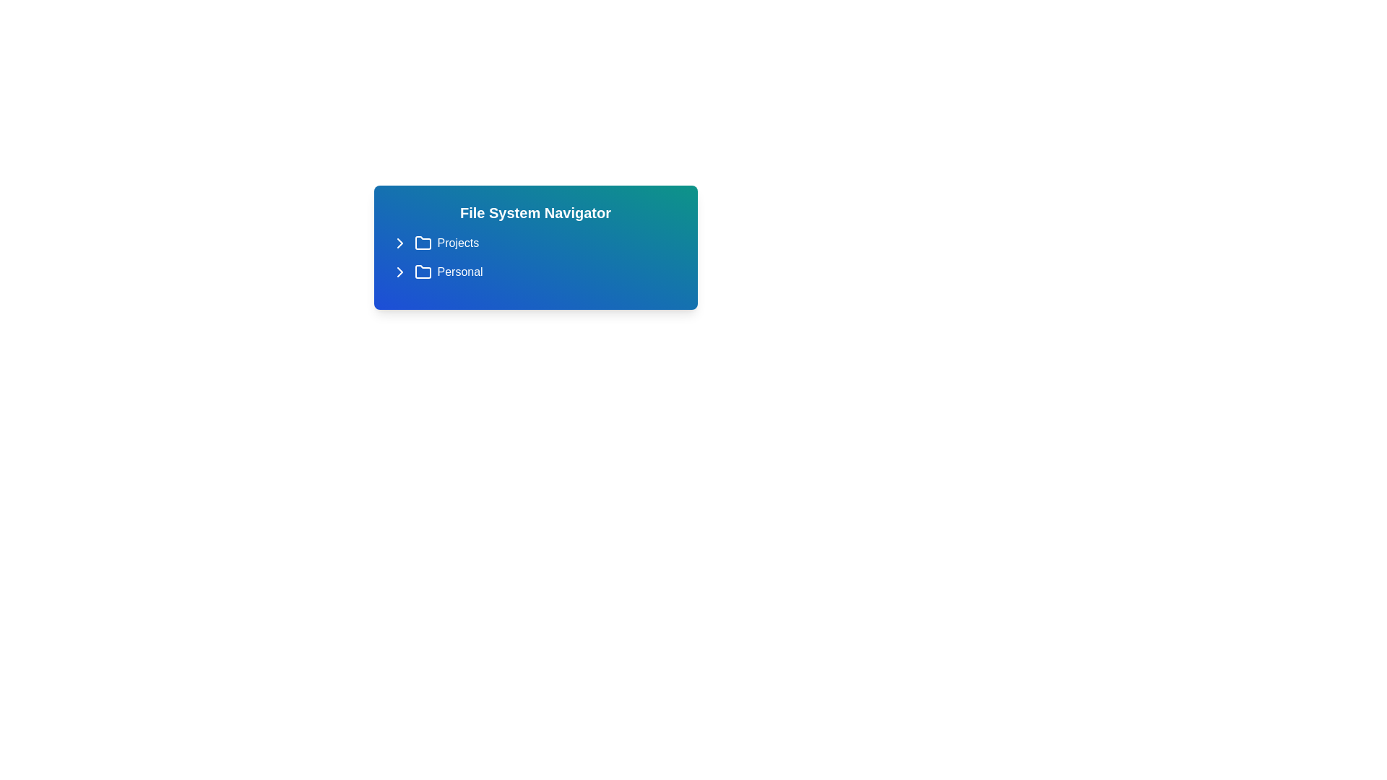 The image size is (1387, 780). I want to click on the folder icon to toggle its expanded state. Specify the folder name as Personal, so click(399, 272).